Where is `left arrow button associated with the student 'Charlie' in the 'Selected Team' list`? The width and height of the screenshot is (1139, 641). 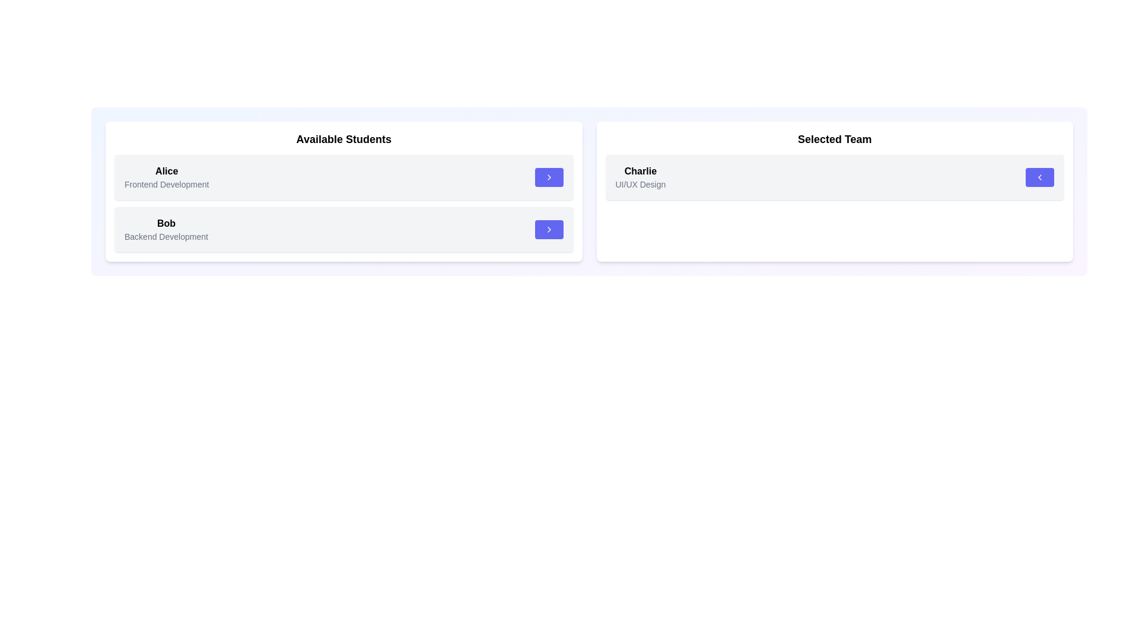
left arrow button associated with the student 'Charlie' in the 'Selected Team' list is located at coordinates (1039, 177).